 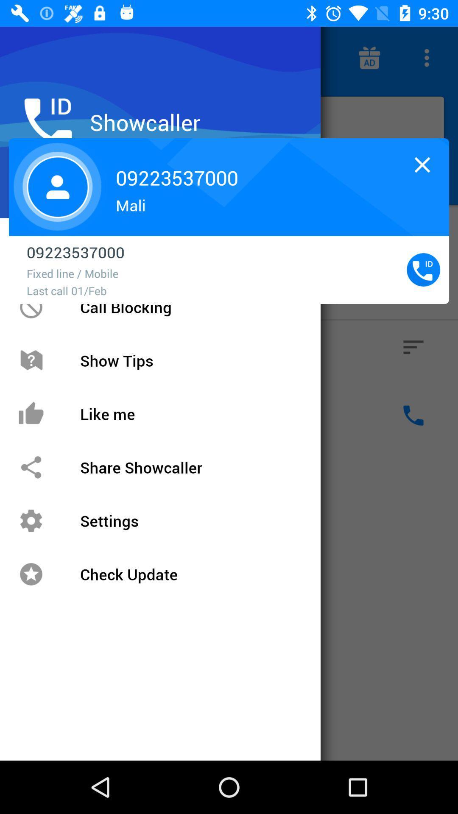 I want to click on the like icon on the web page, so click(x=44, y=415).